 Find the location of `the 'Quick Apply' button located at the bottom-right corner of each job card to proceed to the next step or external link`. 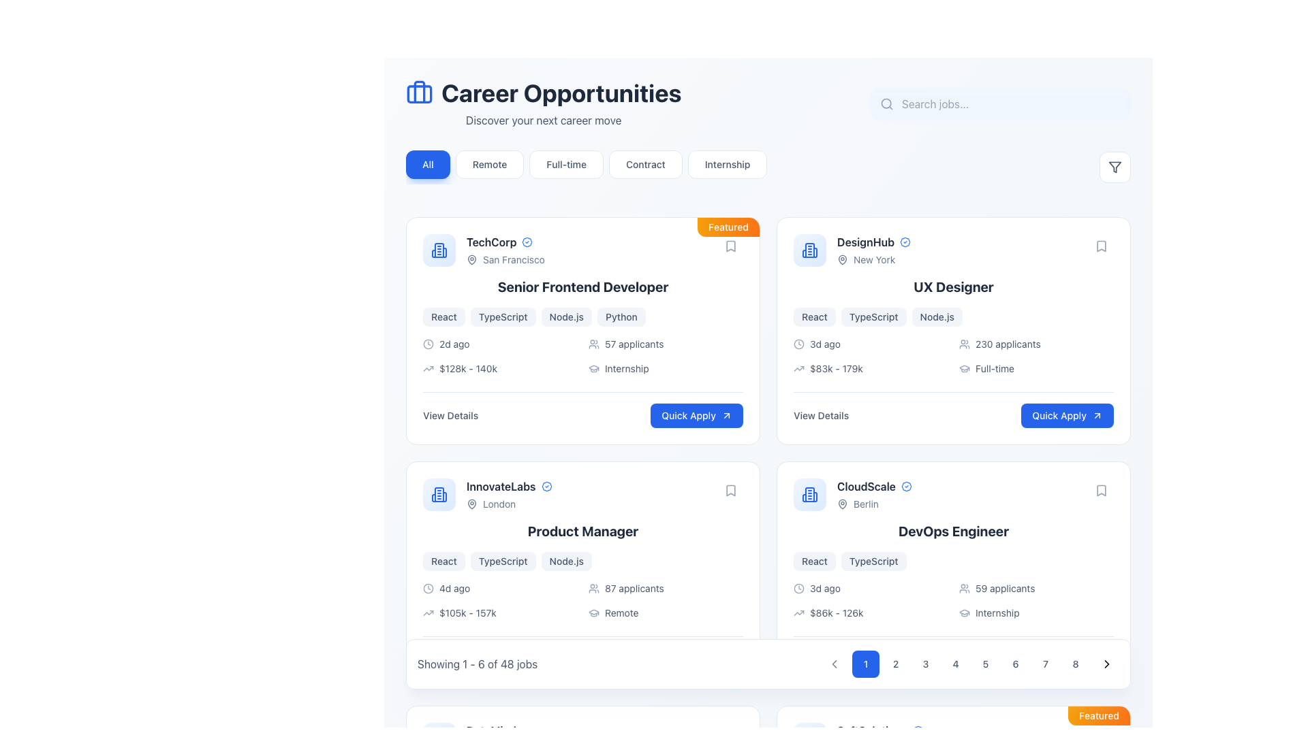

the 'Quick Apply' button located at the bottom-right corner of each job card to proceed to the next step or external link is located at coordinates (726, 659).